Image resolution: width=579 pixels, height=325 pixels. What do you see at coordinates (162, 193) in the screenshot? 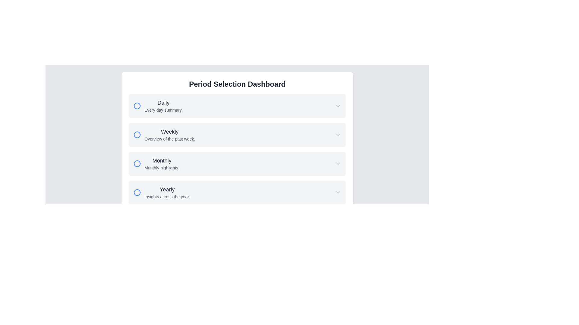
I see `the last selectable item in the vertical list of options within the 'Period Selection Dashboard'` at bounding box center [162, 193].